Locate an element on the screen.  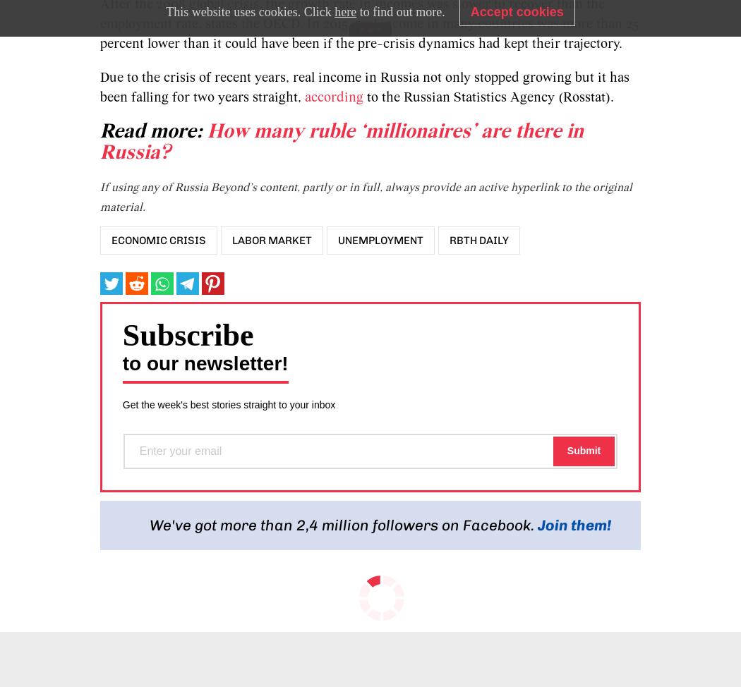
'here' is located at coordinates (344, 11).